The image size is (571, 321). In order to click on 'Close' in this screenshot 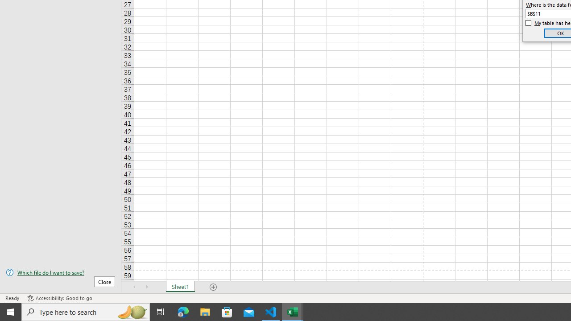, I will do `click(104, 281)`.